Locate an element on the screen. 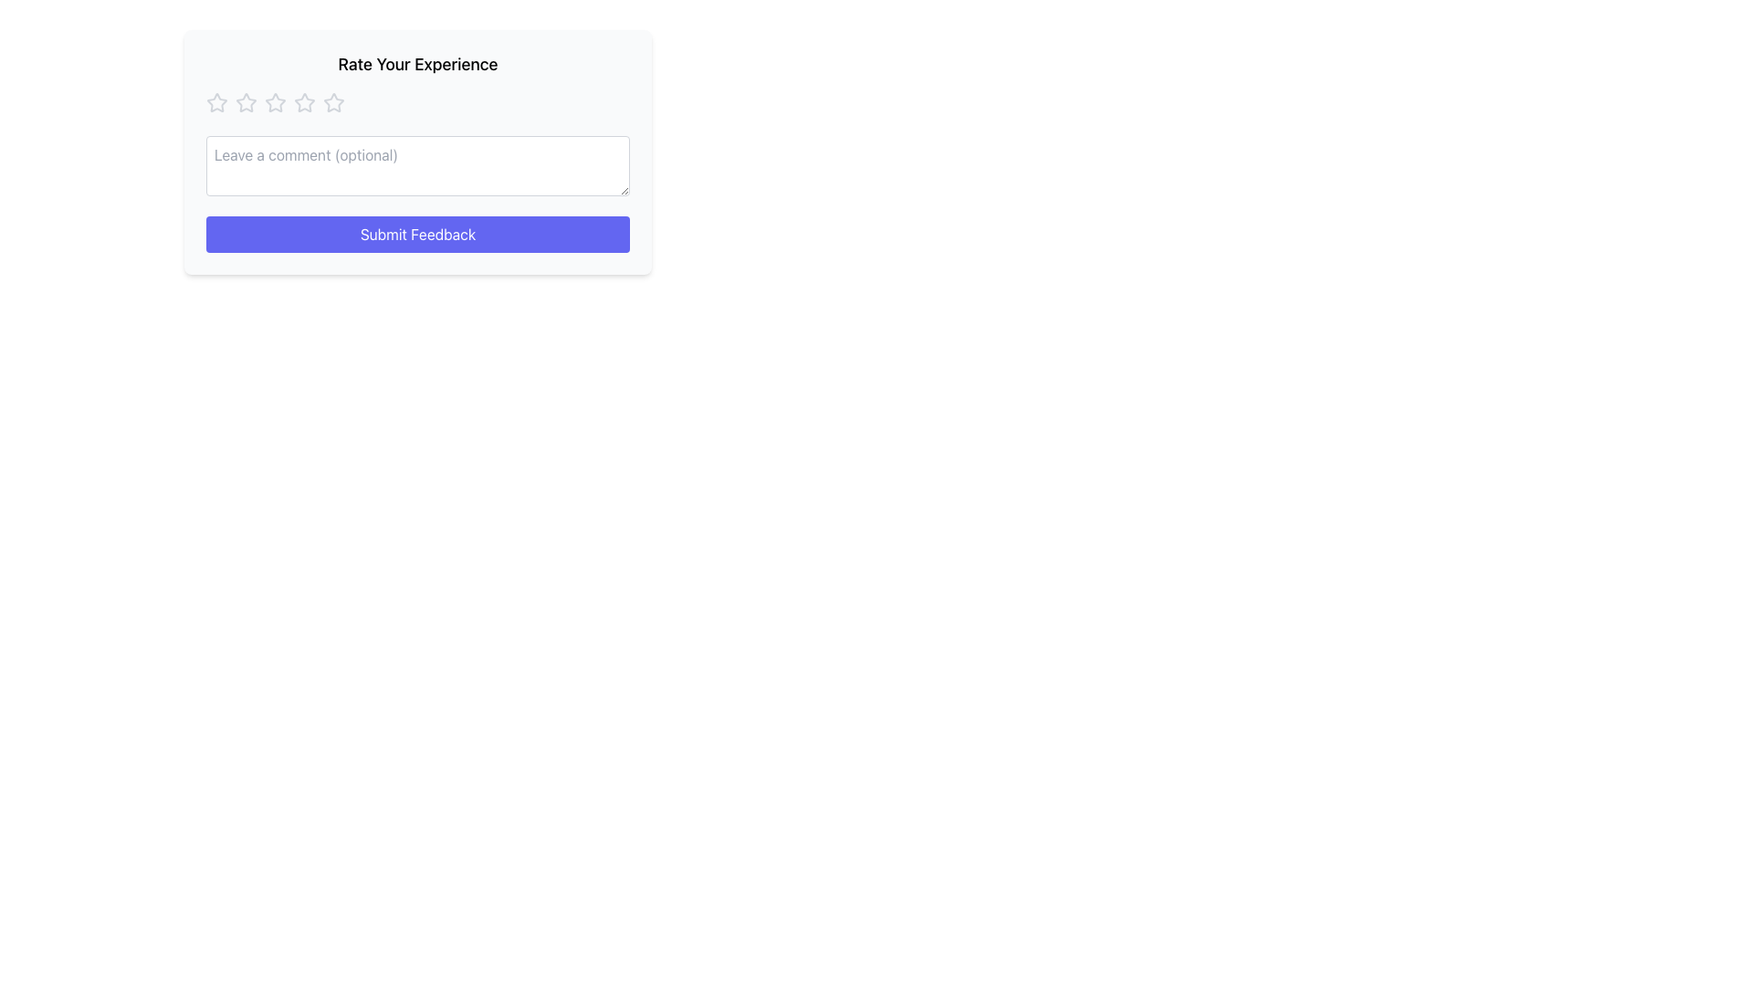  the first star-shaped icon in the rating system is located at coordinates (217, 102).